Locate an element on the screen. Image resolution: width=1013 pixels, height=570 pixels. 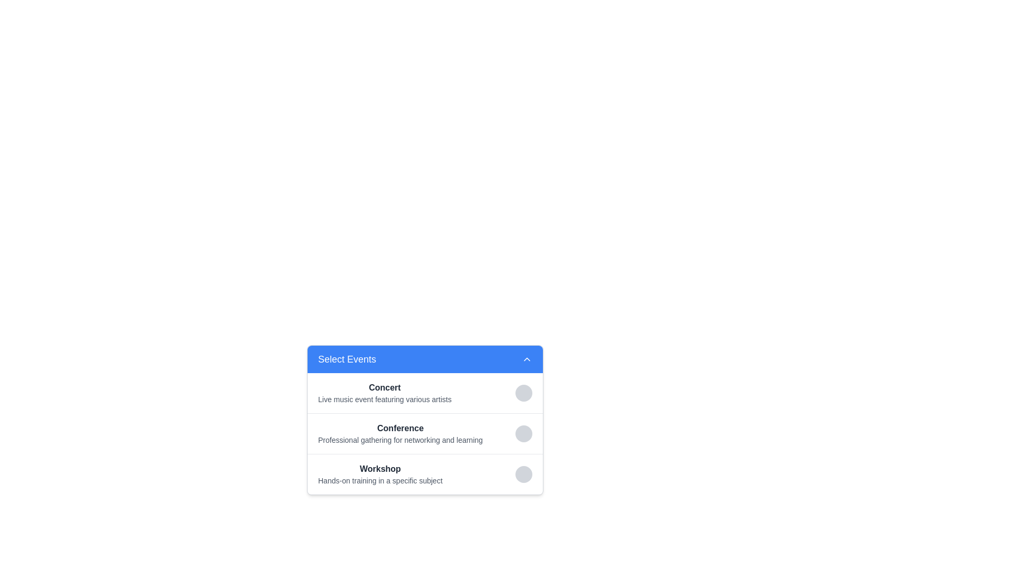
the text label that reads 'Professional gathering for networking and learning', which is styled in gray and located directly below the bold title 'Conference' within the 'Select Events' dropdown section is located at coordinates (399, 440).